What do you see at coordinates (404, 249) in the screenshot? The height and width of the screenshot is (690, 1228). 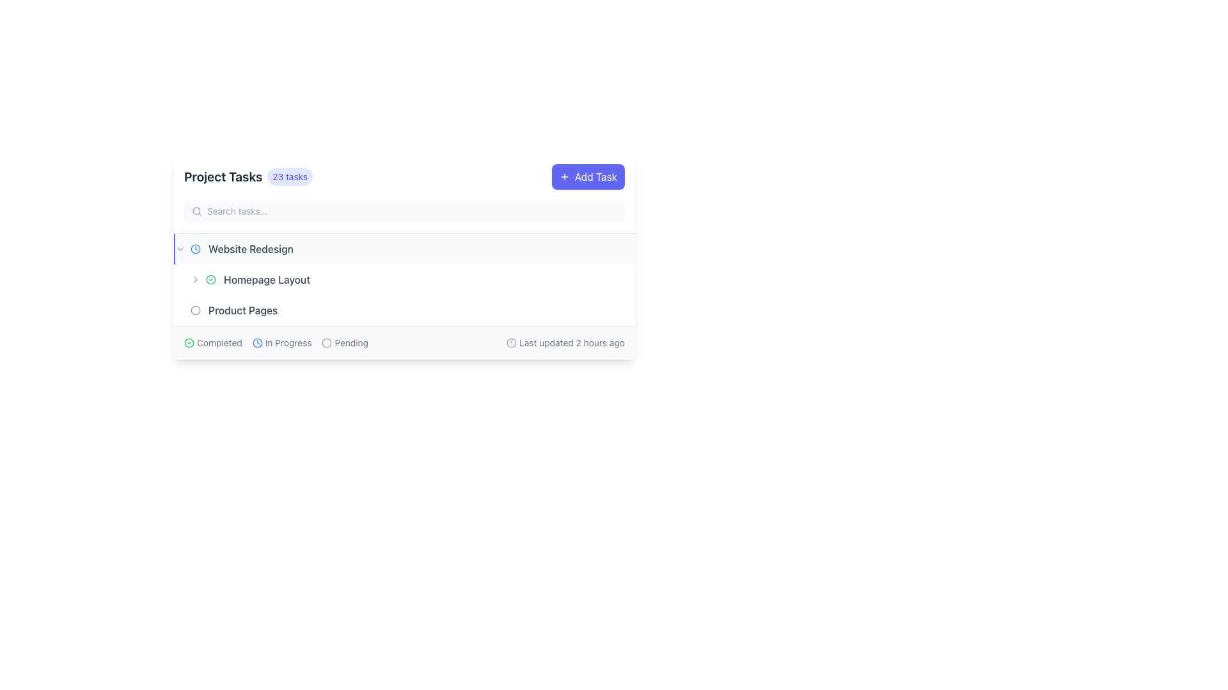 I see `the task entry block for 'Website Redesign'` at bounding box center [404, 249].